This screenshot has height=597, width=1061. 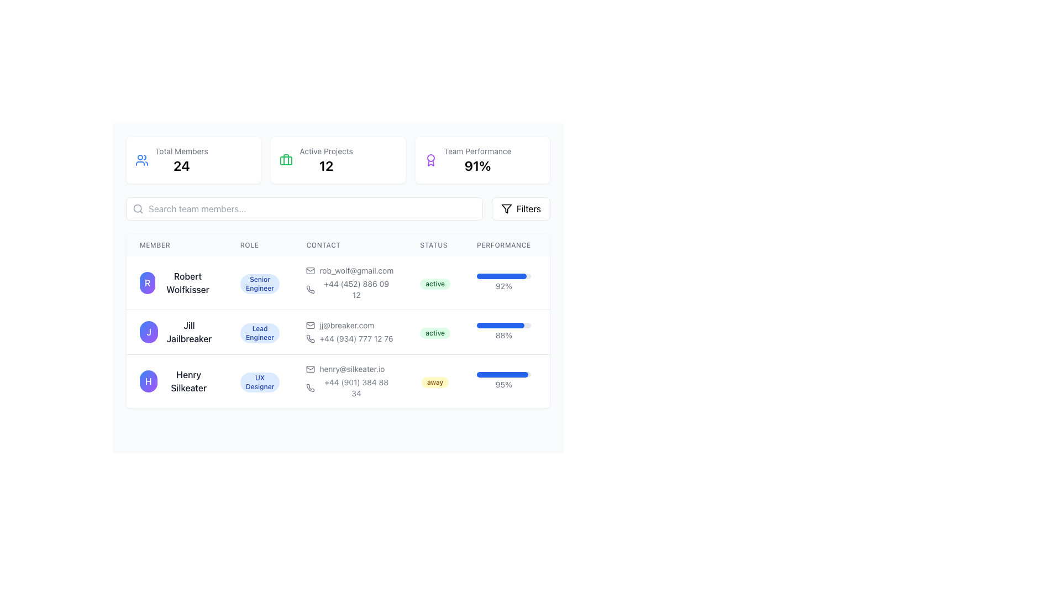 I want to click on the phone number text with an adjacent icon in the 'Contact' column, so click(x=349, y=289).